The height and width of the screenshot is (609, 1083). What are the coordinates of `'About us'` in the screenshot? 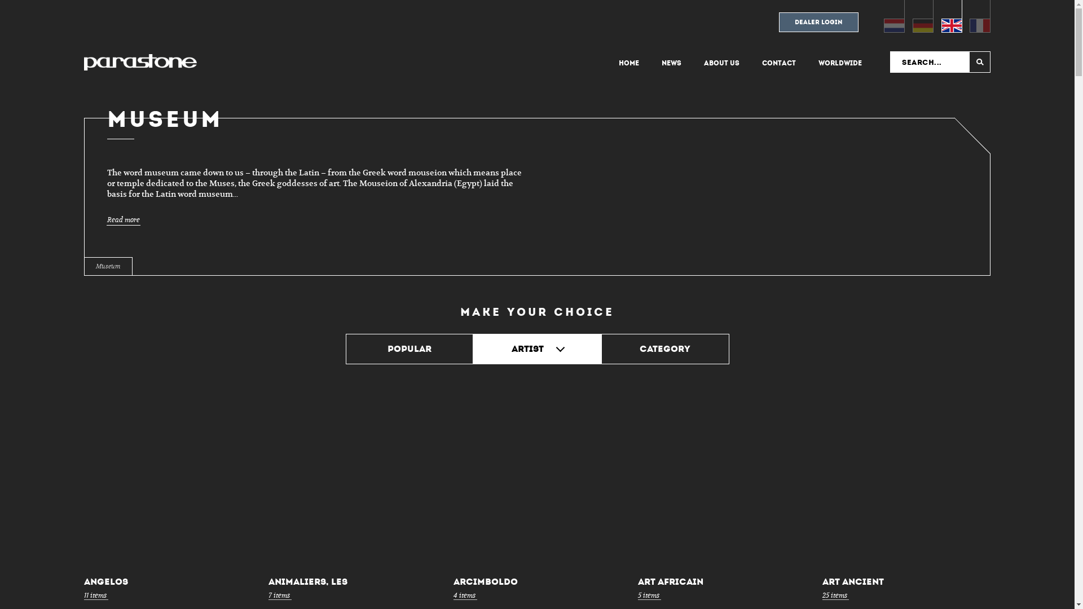 It's located at (721, 63).